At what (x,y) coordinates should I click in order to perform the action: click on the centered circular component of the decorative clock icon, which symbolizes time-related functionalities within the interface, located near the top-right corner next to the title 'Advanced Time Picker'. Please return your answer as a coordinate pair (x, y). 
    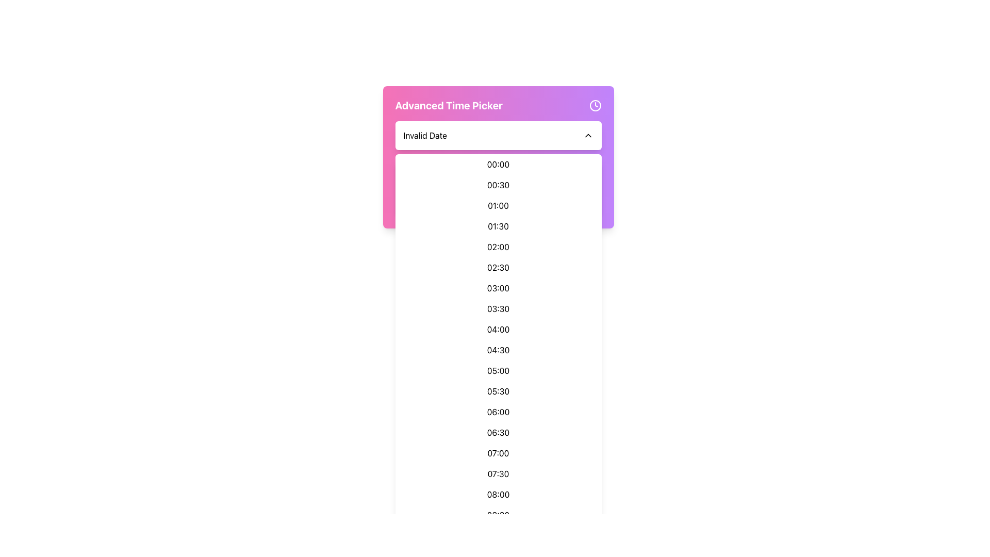
    Looking at the image, I should click on (595, 105).